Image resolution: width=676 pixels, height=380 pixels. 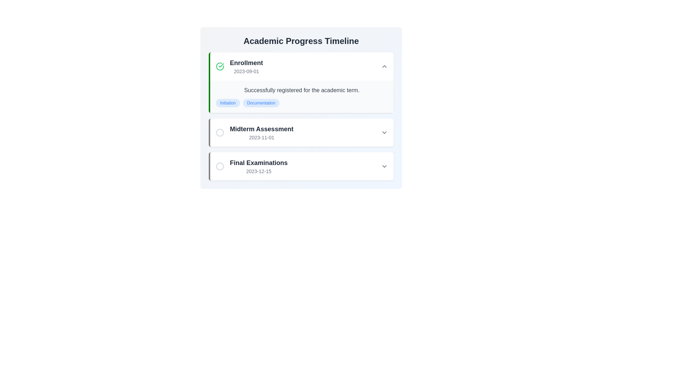 I want to click on the text label displaying '2023-09-01' located beneath the 'Enrollment' title in the timeline card, so click(x=246, y=71).